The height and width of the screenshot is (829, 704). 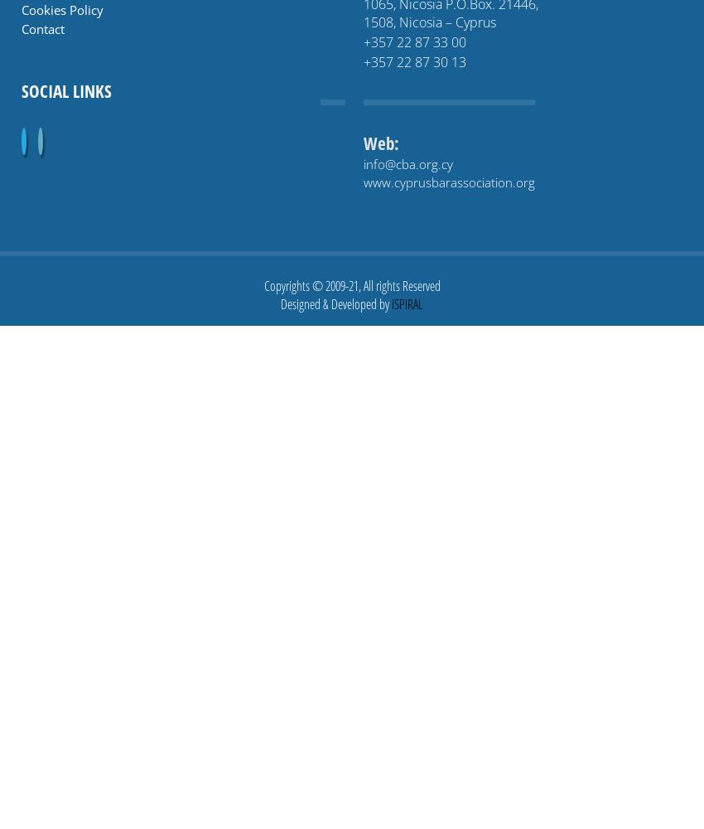 What do you see at coordinates (65, 90) in the screenshot?
I see `'Social links'` at bounding box center [65, 90].